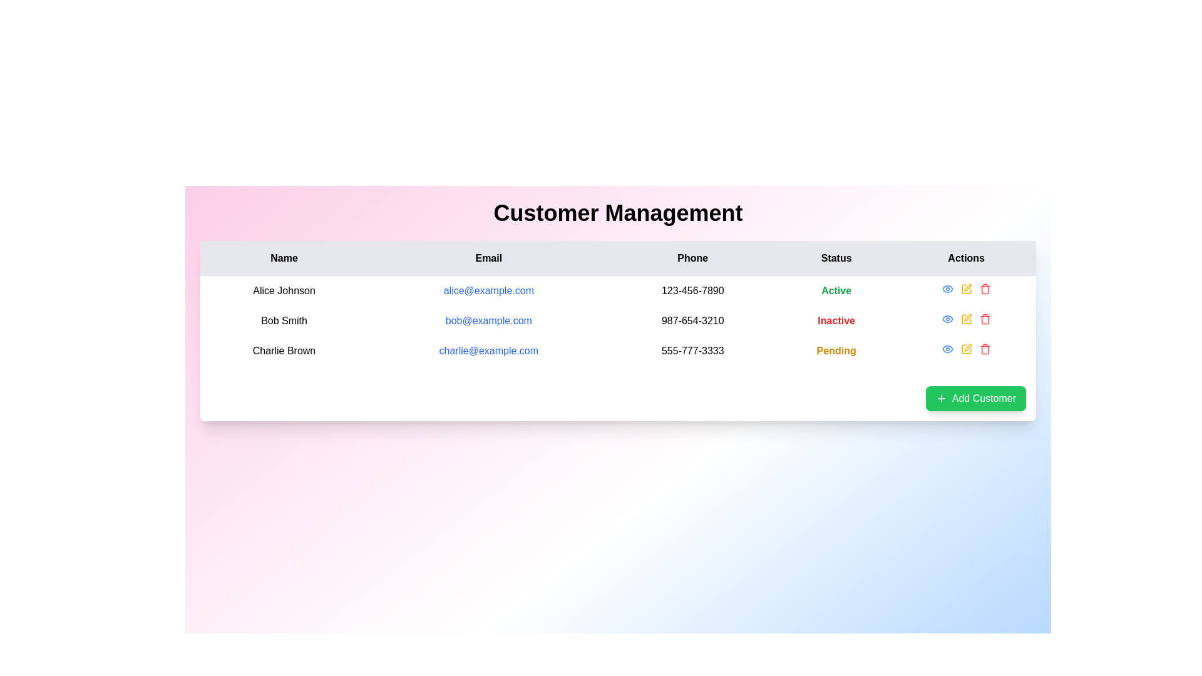 Image resolution: width=1202 pixels, height=676 pixels. Describe the element at coordinates (965, 318) in the screenshot. I see `the vector graphic icon associated with editing actions in the 'Actions' column of the second row for Bob Smith` at that location.